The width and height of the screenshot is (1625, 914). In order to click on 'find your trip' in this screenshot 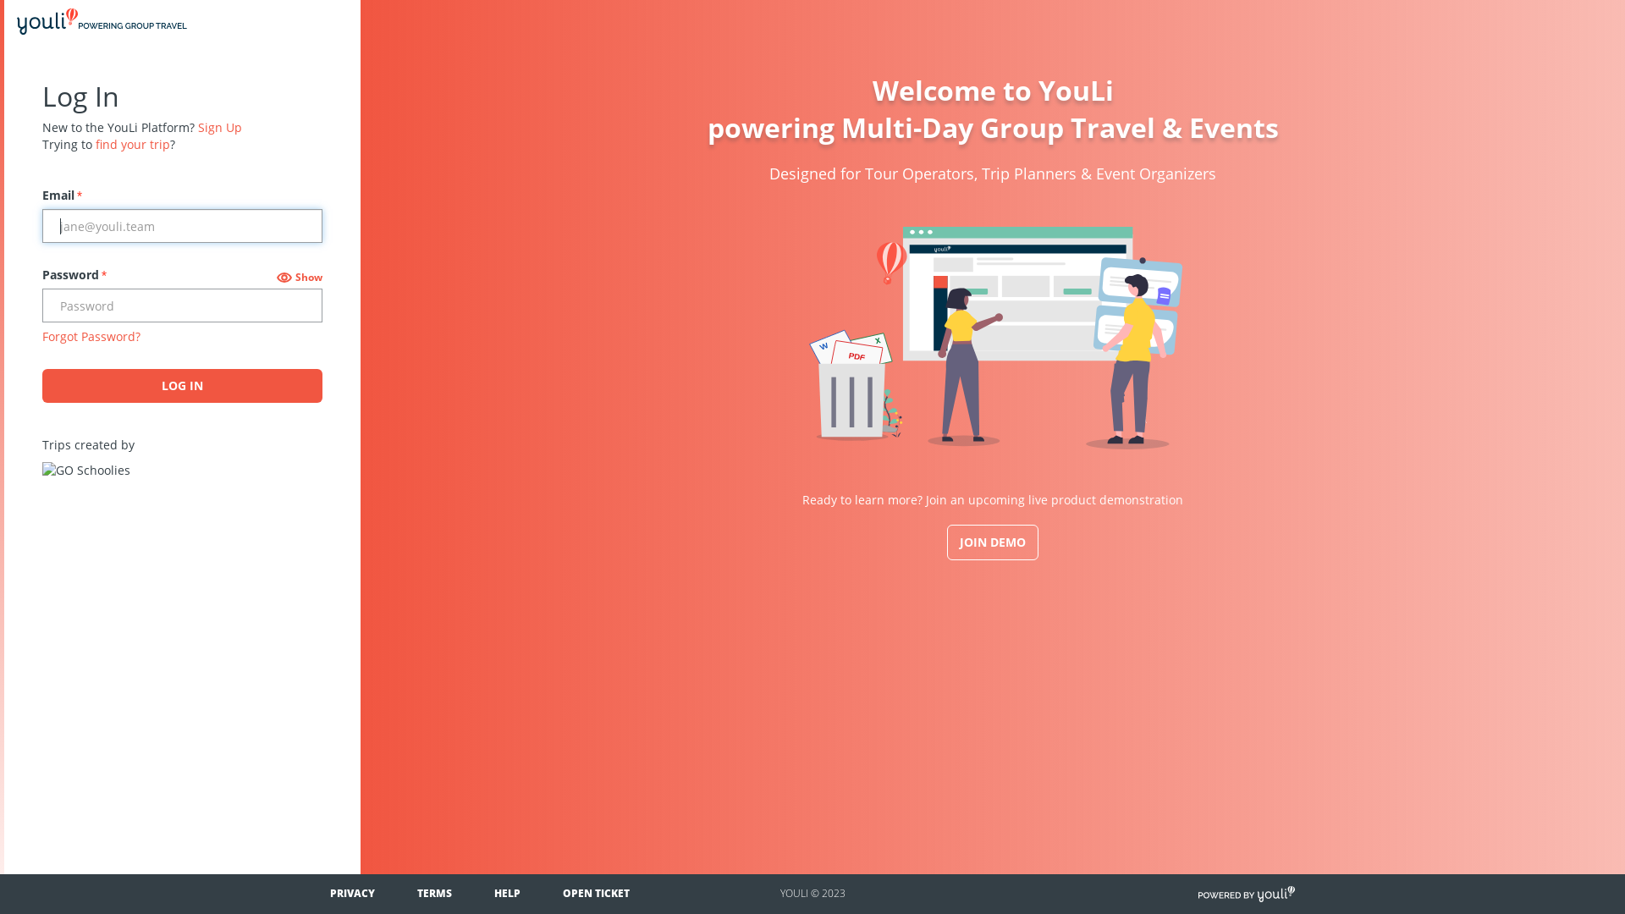, I will do `click(132, 143)`.